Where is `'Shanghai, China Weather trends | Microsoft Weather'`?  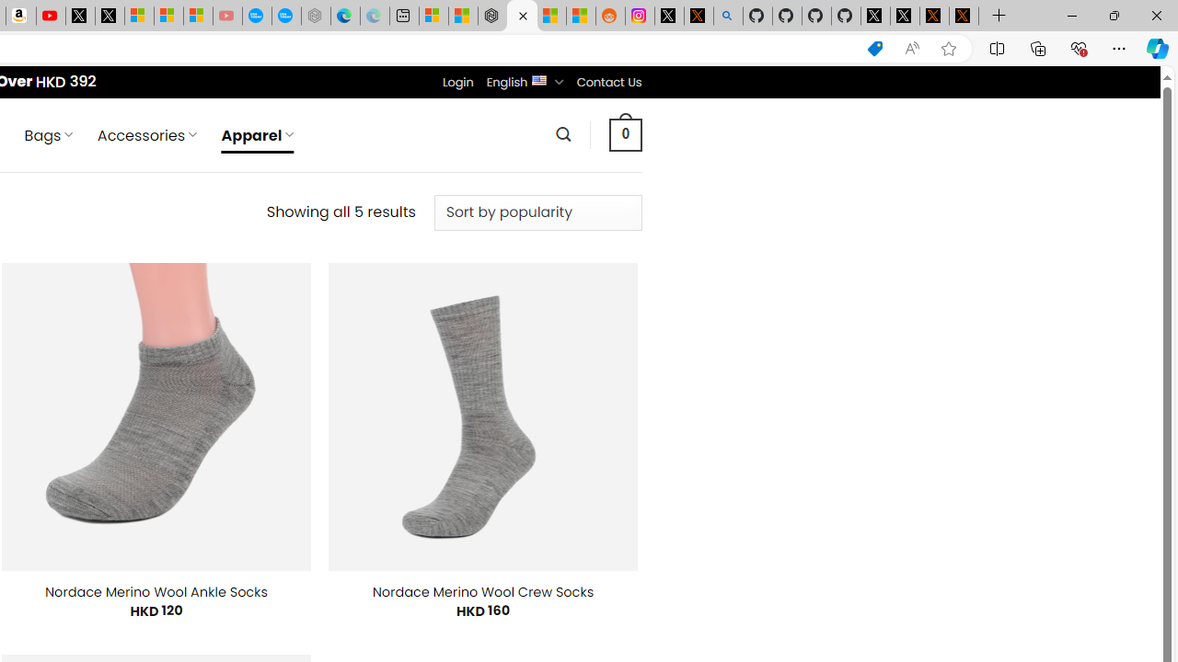 'Shanghai, China Weather trends | Microsoft Weather' is located at coordinates (580, 16).